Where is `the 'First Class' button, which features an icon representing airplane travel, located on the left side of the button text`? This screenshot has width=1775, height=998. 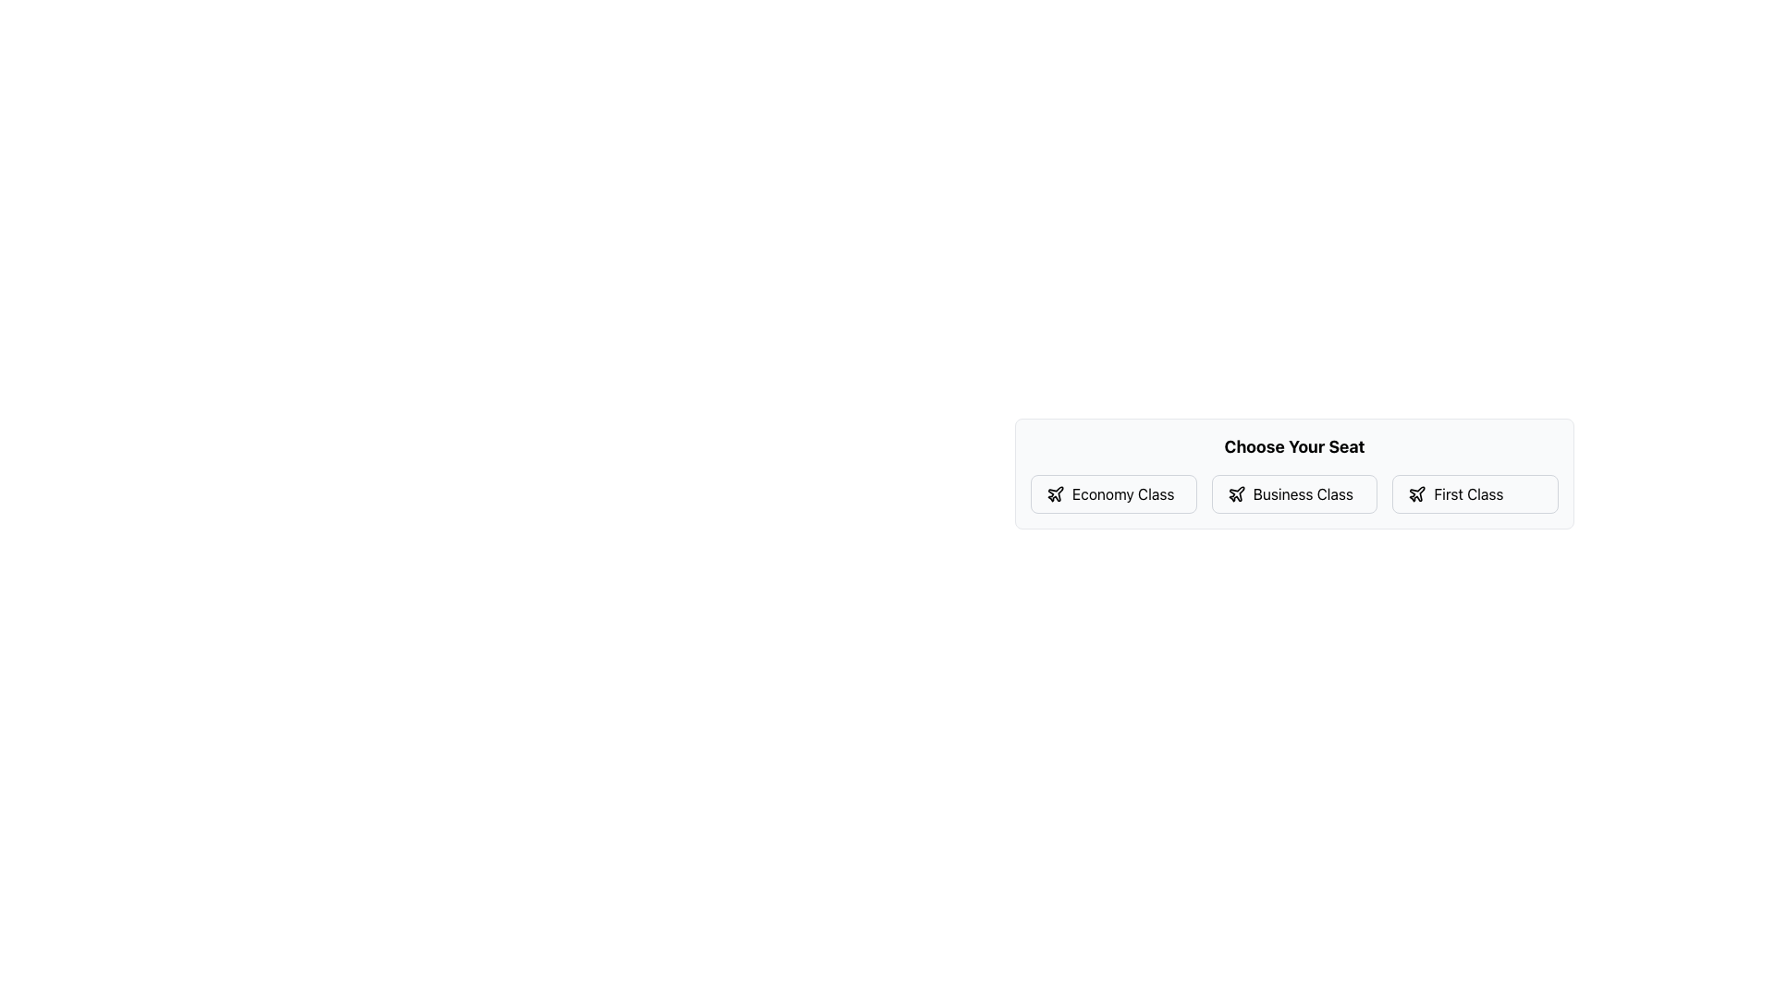
the 'First Class' button, which features an icon representing airplane travel, located on the left side of the button text is located at coordinates (1416, 493).